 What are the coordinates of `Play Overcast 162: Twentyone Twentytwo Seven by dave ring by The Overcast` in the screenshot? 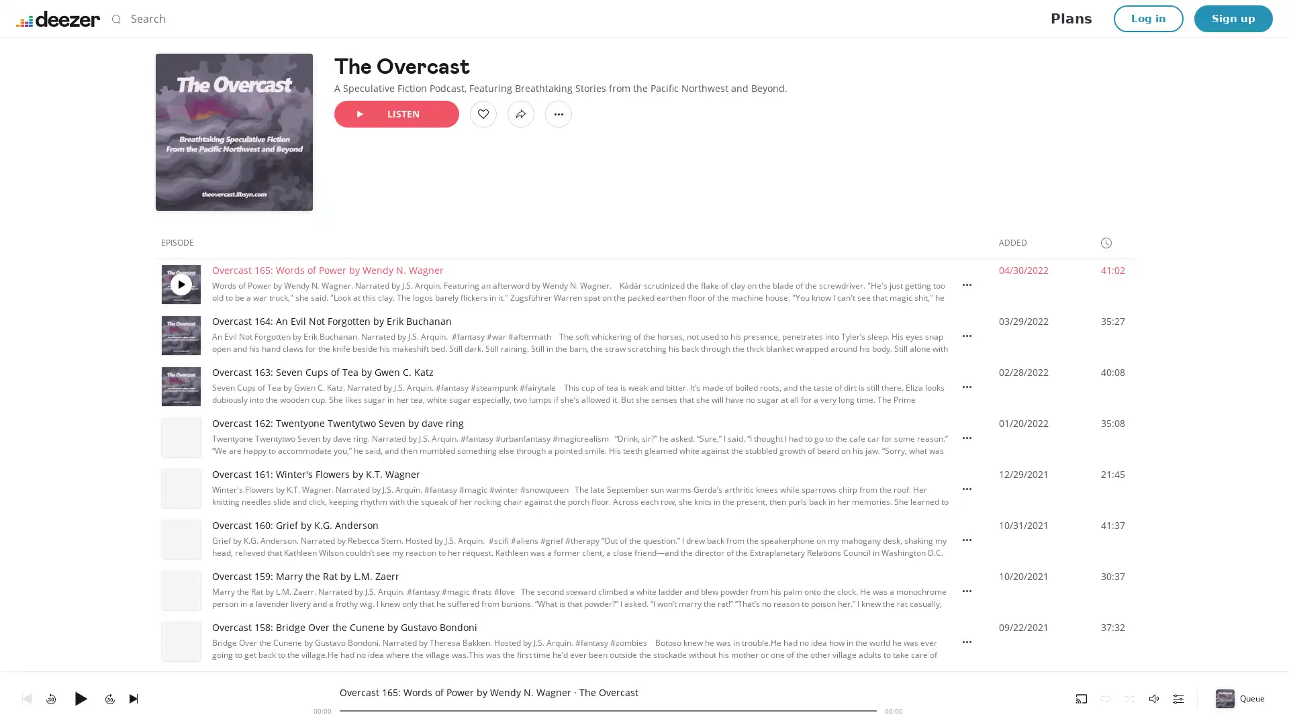 It's located at (180, 437).